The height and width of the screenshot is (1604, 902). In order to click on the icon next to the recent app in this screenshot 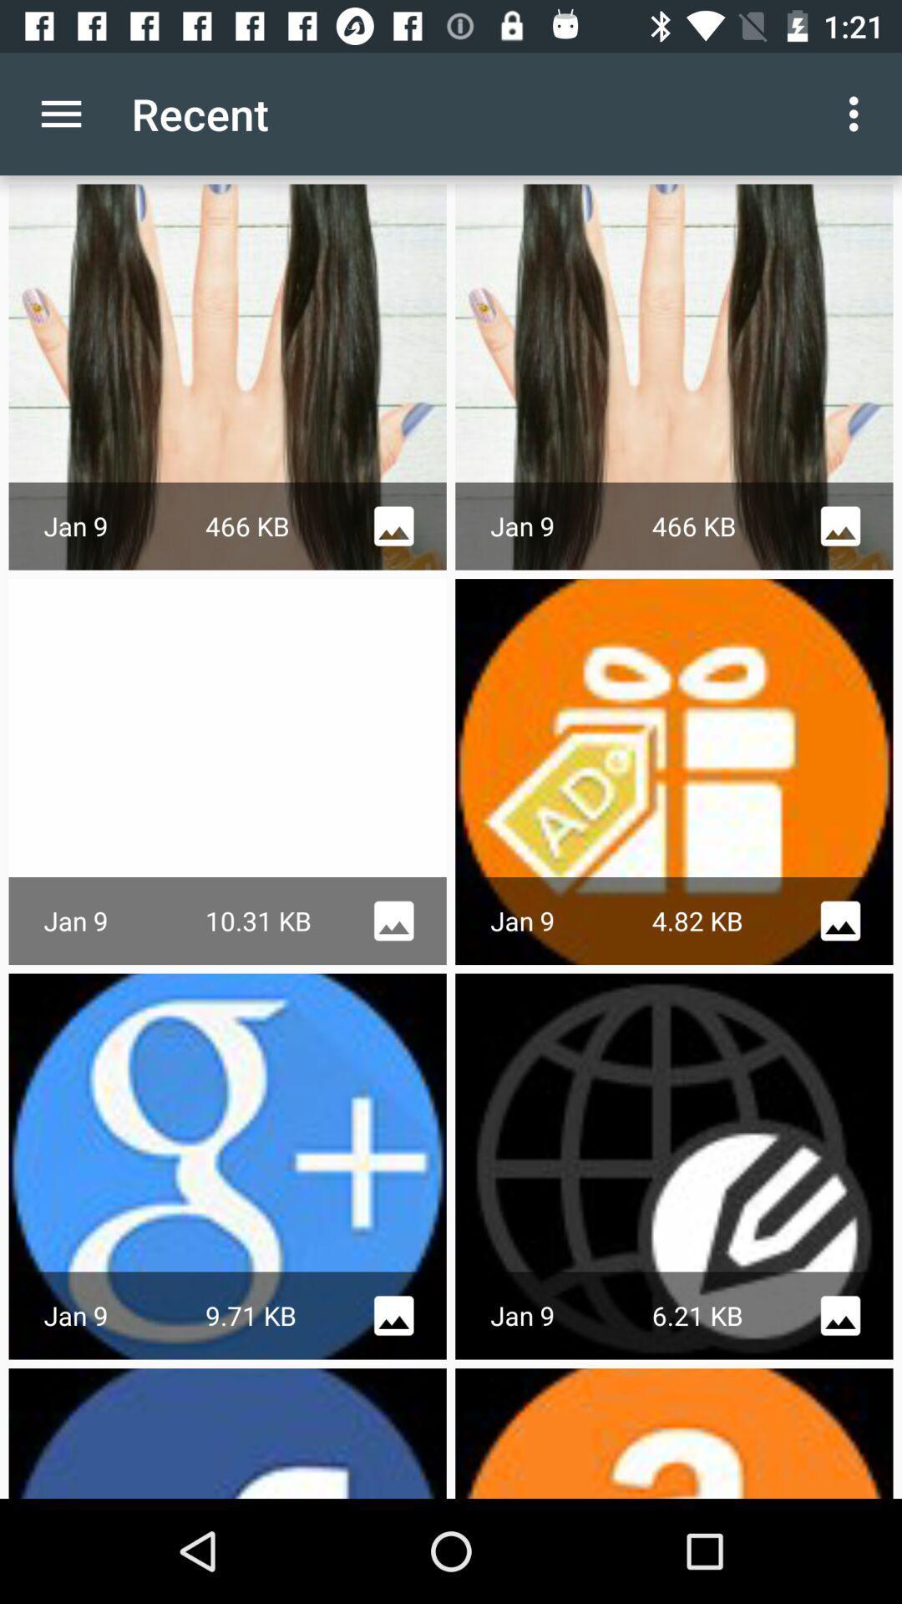, I will do `click(60, 113)`.